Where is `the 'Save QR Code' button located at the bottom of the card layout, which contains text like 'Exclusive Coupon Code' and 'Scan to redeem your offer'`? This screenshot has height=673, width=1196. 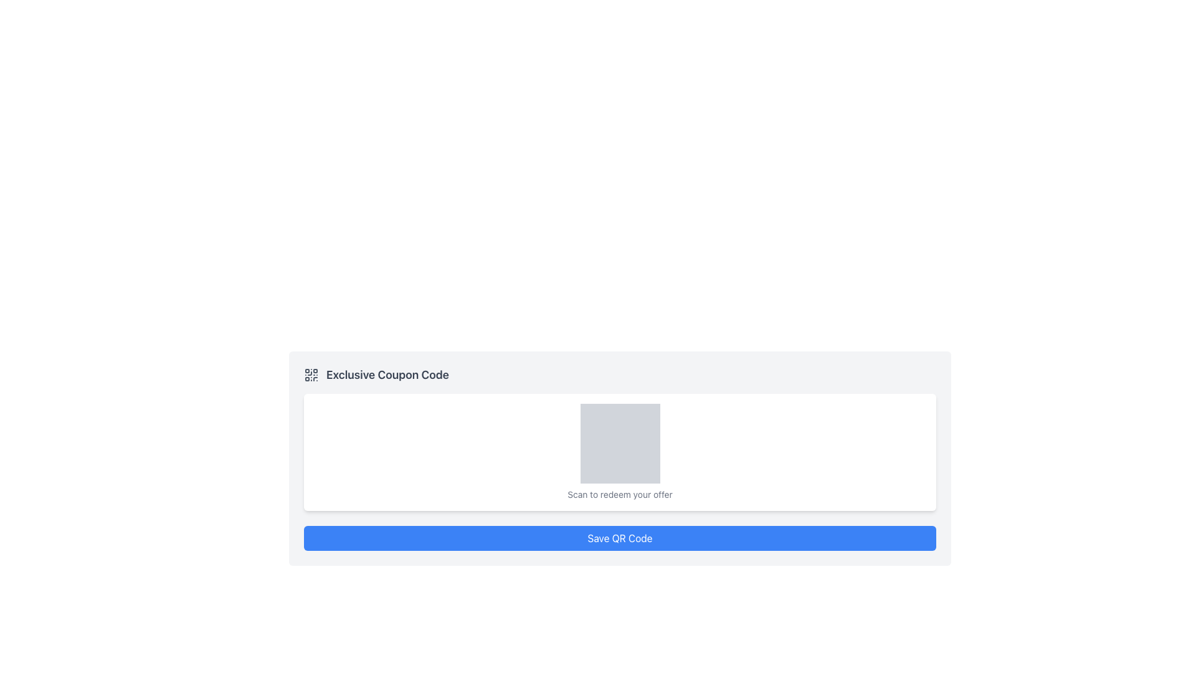 the 'Save QR Code' button located at the bottom of the card layout, which contains text like 'Exclusive Coupon Code' and 'Scan to redeem your offer' is located at coordinates (620, 538).